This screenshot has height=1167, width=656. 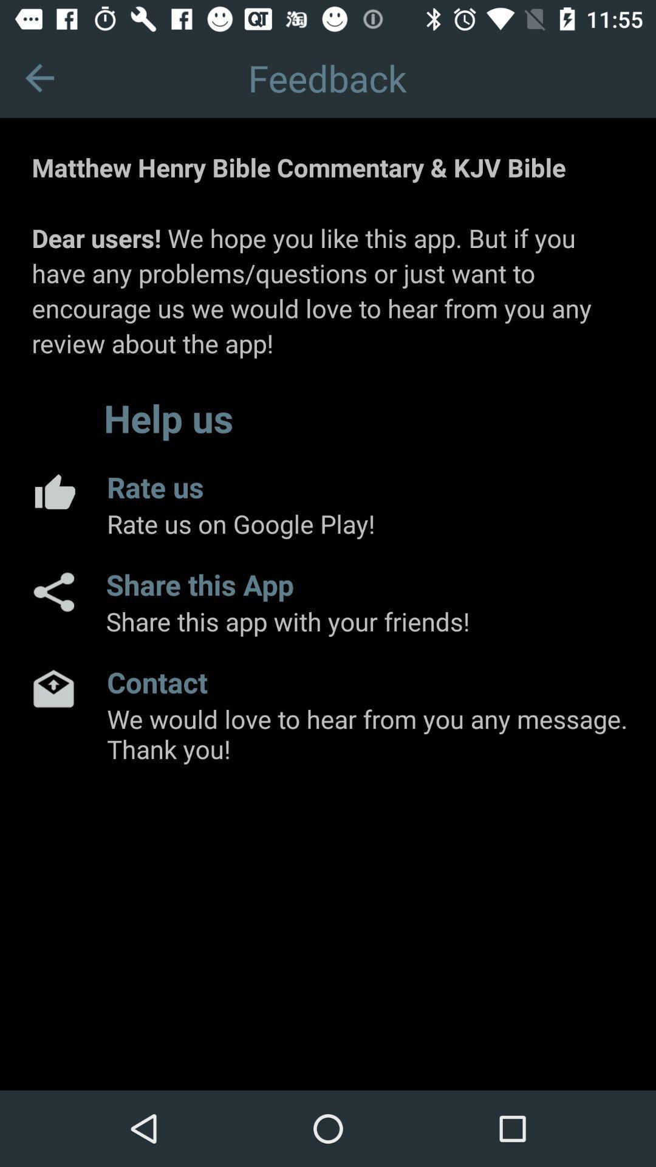 What do you see at coordinates (39, 77) in the screenshot?
I see `app above matthew henry bible` at bounding box center [39, 77].